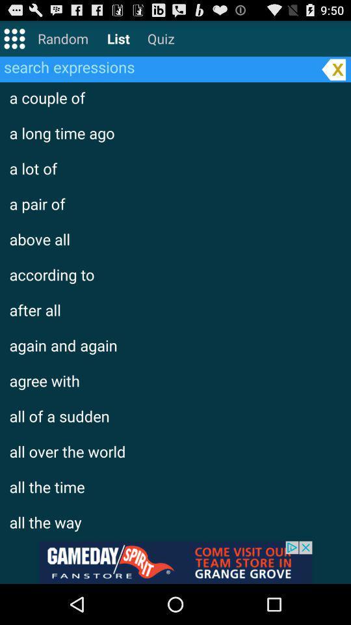  Describe the element at coordinates (14, 38) in the screenshot. I see `open menu` at that location.